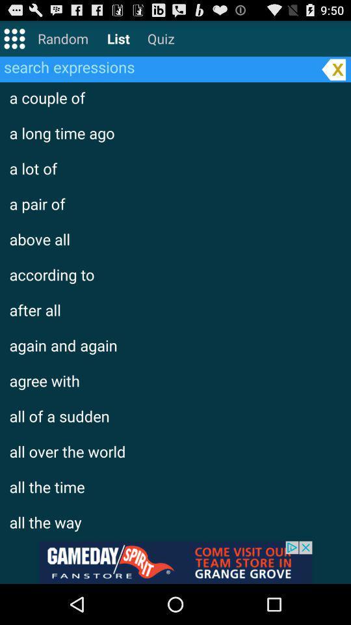  Describe the element at coordinates (14, 38) in the screenshot. I see `open menu` at that location.